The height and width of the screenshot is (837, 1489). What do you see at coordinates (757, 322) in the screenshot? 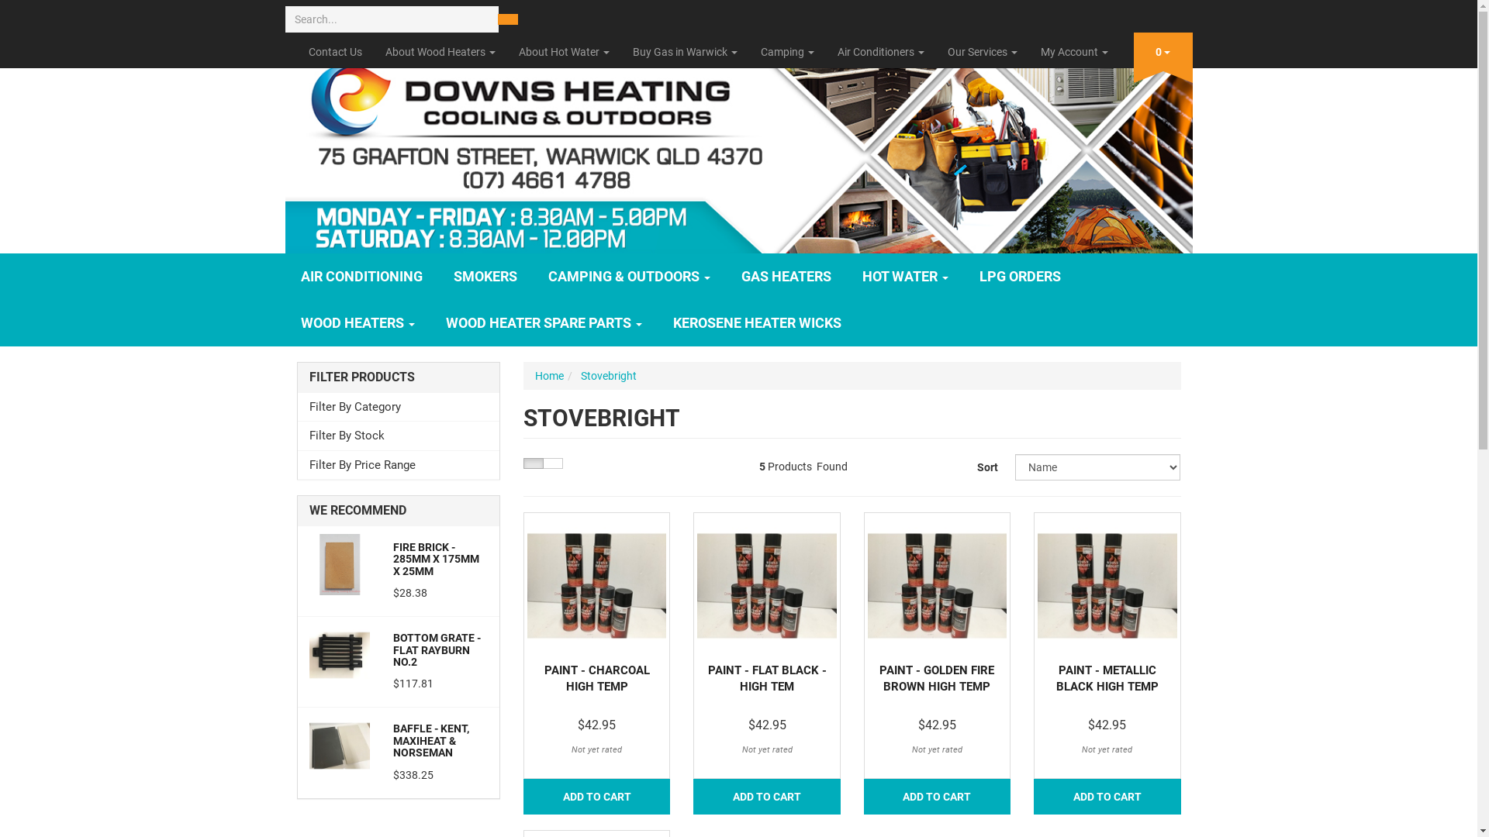
I see `'KEROSENE HEATER WICKS'` at bounding box center [757, 322].